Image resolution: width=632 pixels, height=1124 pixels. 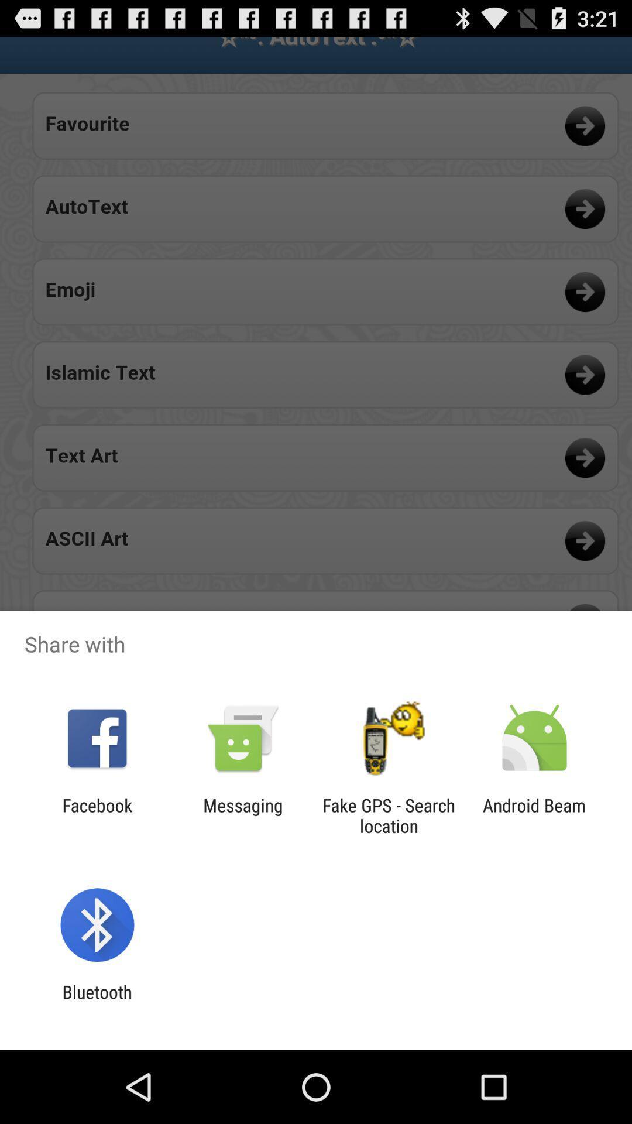 I want to click on the messaging icon, so click(x=242, y=815).